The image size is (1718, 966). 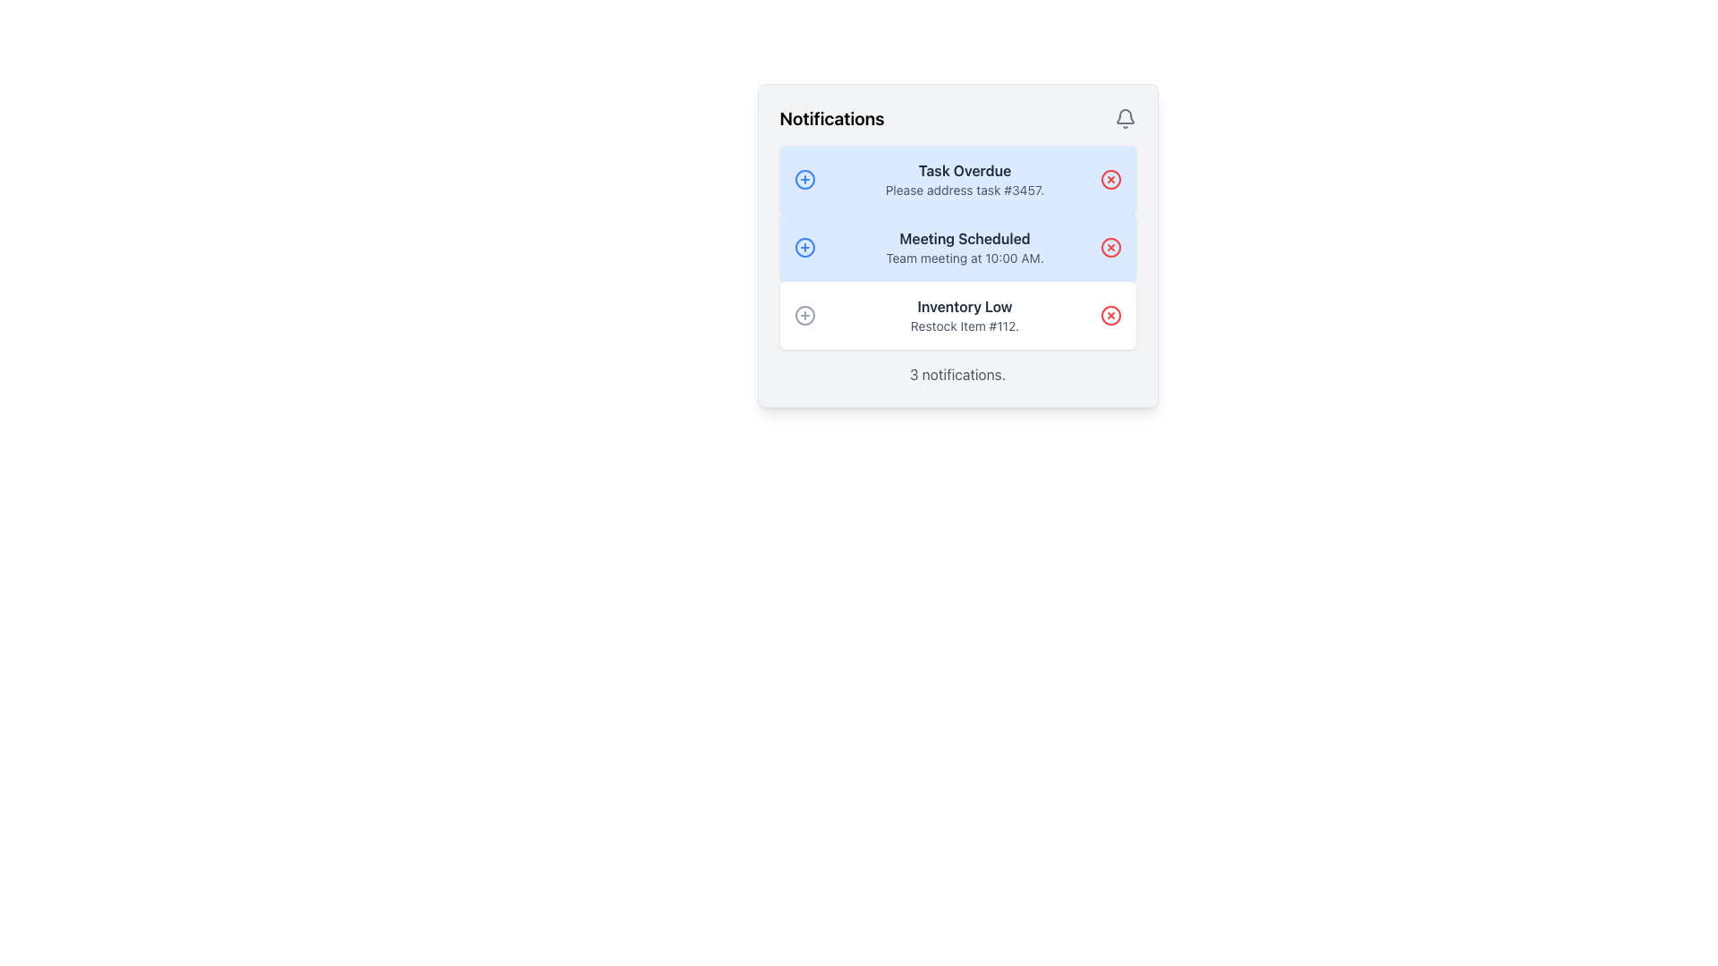 What do you see at coordinates (804, 315) in the screenshot?
I see `the circular '+' icon button located in the 'Inventory Low' notification` at bounding box center [804, 315].